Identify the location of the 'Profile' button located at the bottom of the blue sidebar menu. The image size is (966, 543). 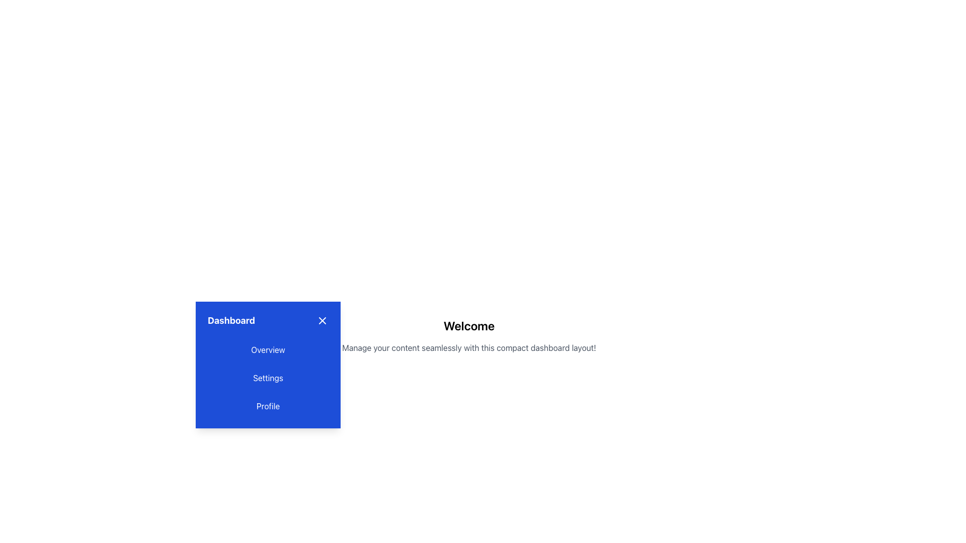
(268, 405).